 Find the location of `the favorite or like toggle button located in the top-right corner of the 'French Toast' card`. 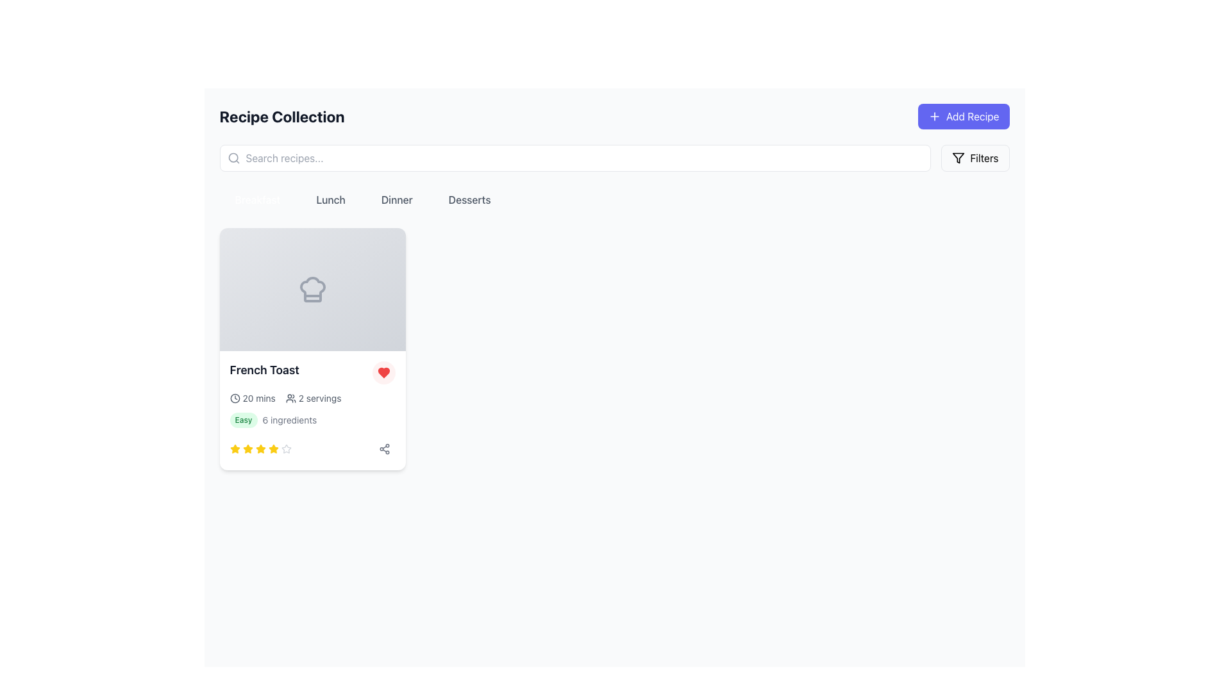

the favorite or like toggle button located in the top-right corner of the 'French Toast' card is located at coordinates (383, 373).